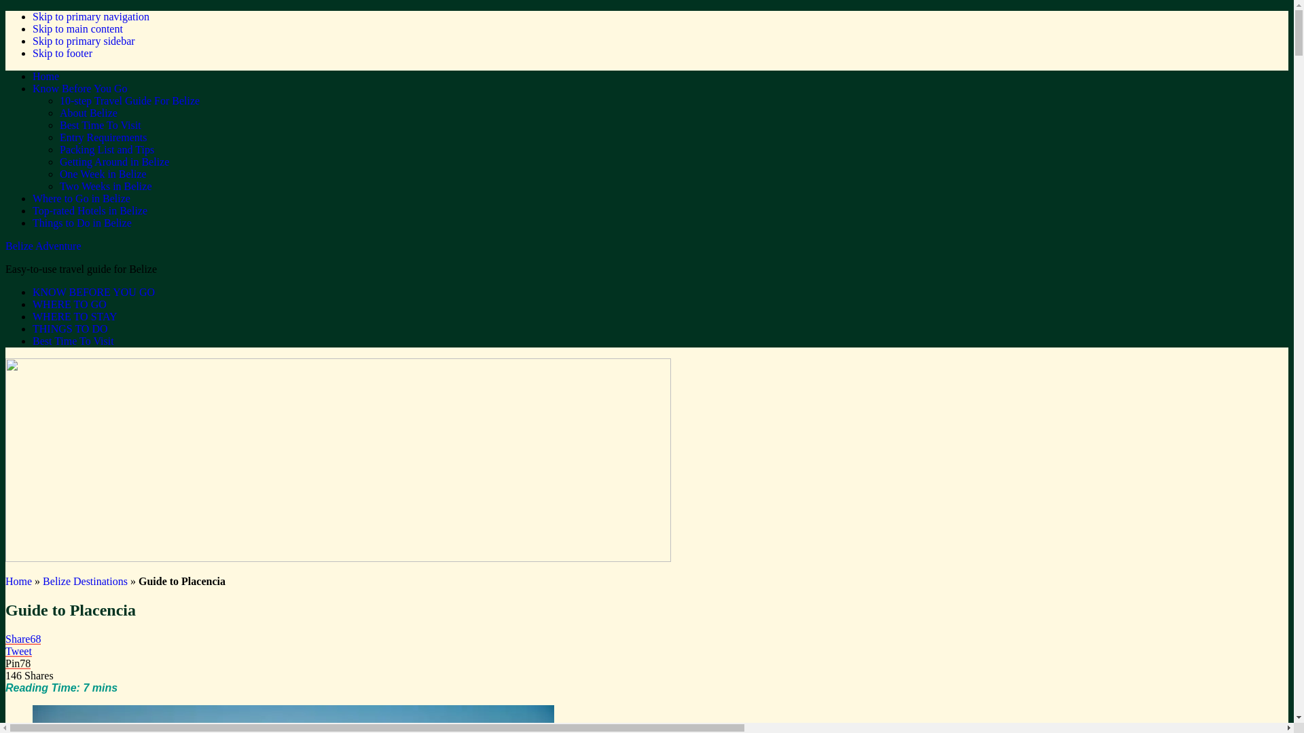 This screenshot has height=733, width=1304. Describe the element at coordinates (106, 149) in the screenshot. I see `'Packing List and Tips'` at that location.